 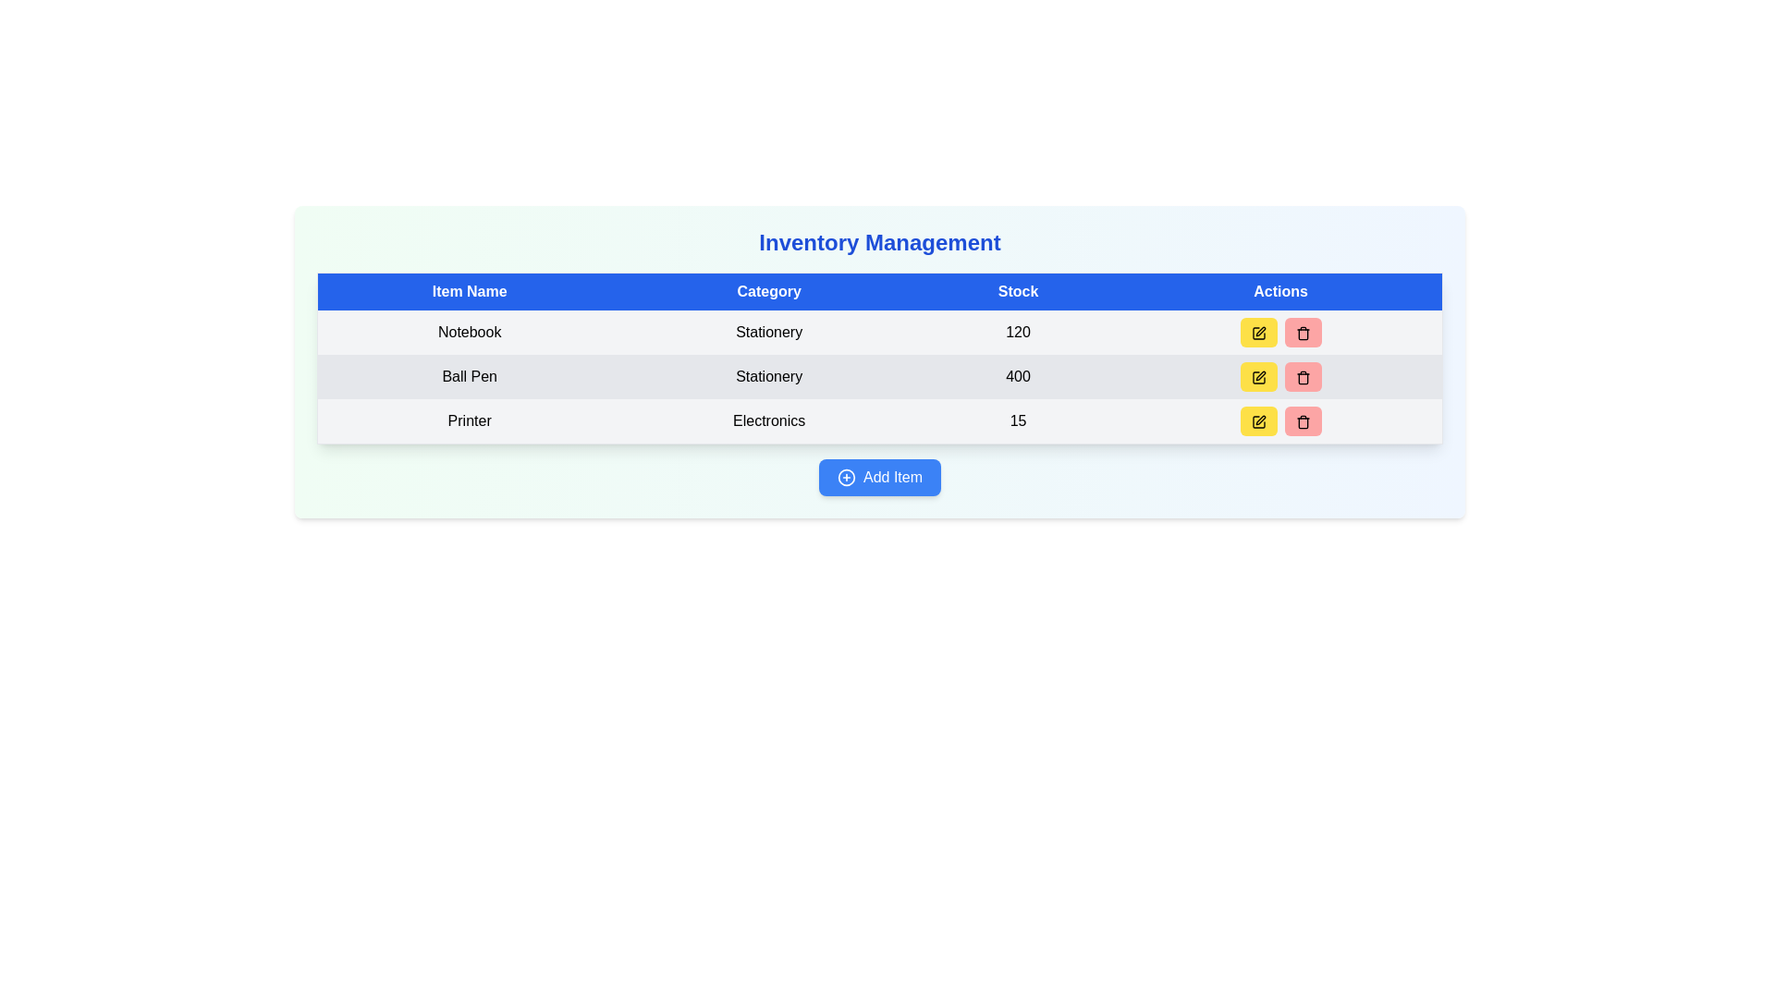 I want to click on the delete button located in the last row of the table under the 'Actions' column, so click(x=1302, y=420).